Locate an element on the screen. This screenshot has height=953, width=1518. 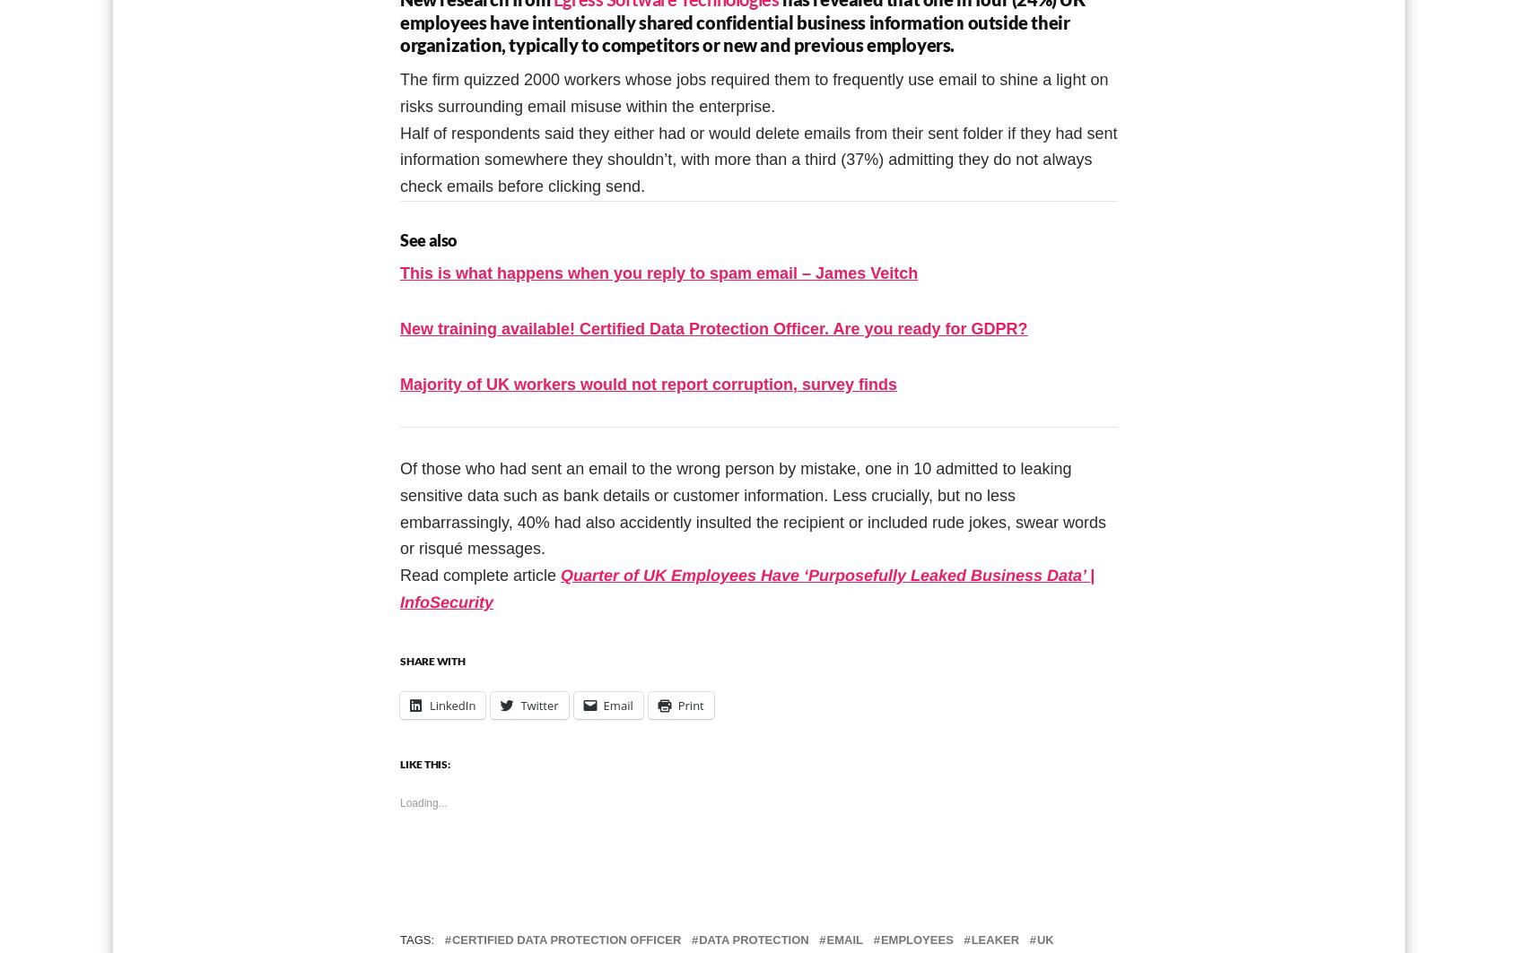
'Certified Data Protection Officer' is located at coordinates (564, 939).